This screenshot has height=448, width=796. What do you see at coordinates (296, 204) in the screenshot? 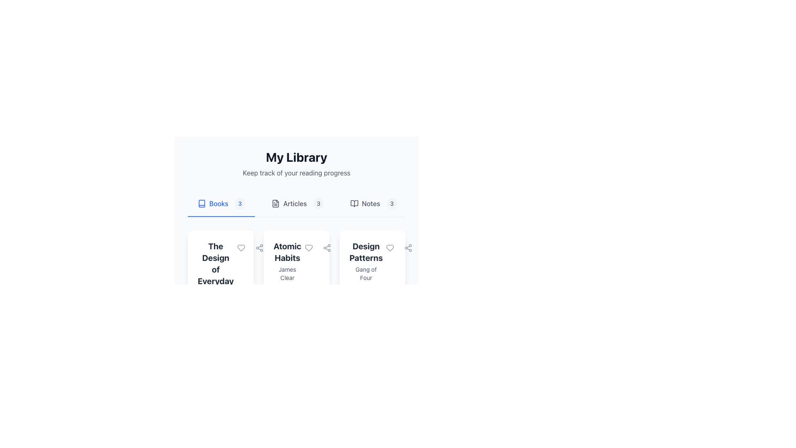
I see `'Articles' navigation tab, which is the second tab in the horizontal navigation bar, featuring a document icon and the count '3'` at bounding box center [296, 204].